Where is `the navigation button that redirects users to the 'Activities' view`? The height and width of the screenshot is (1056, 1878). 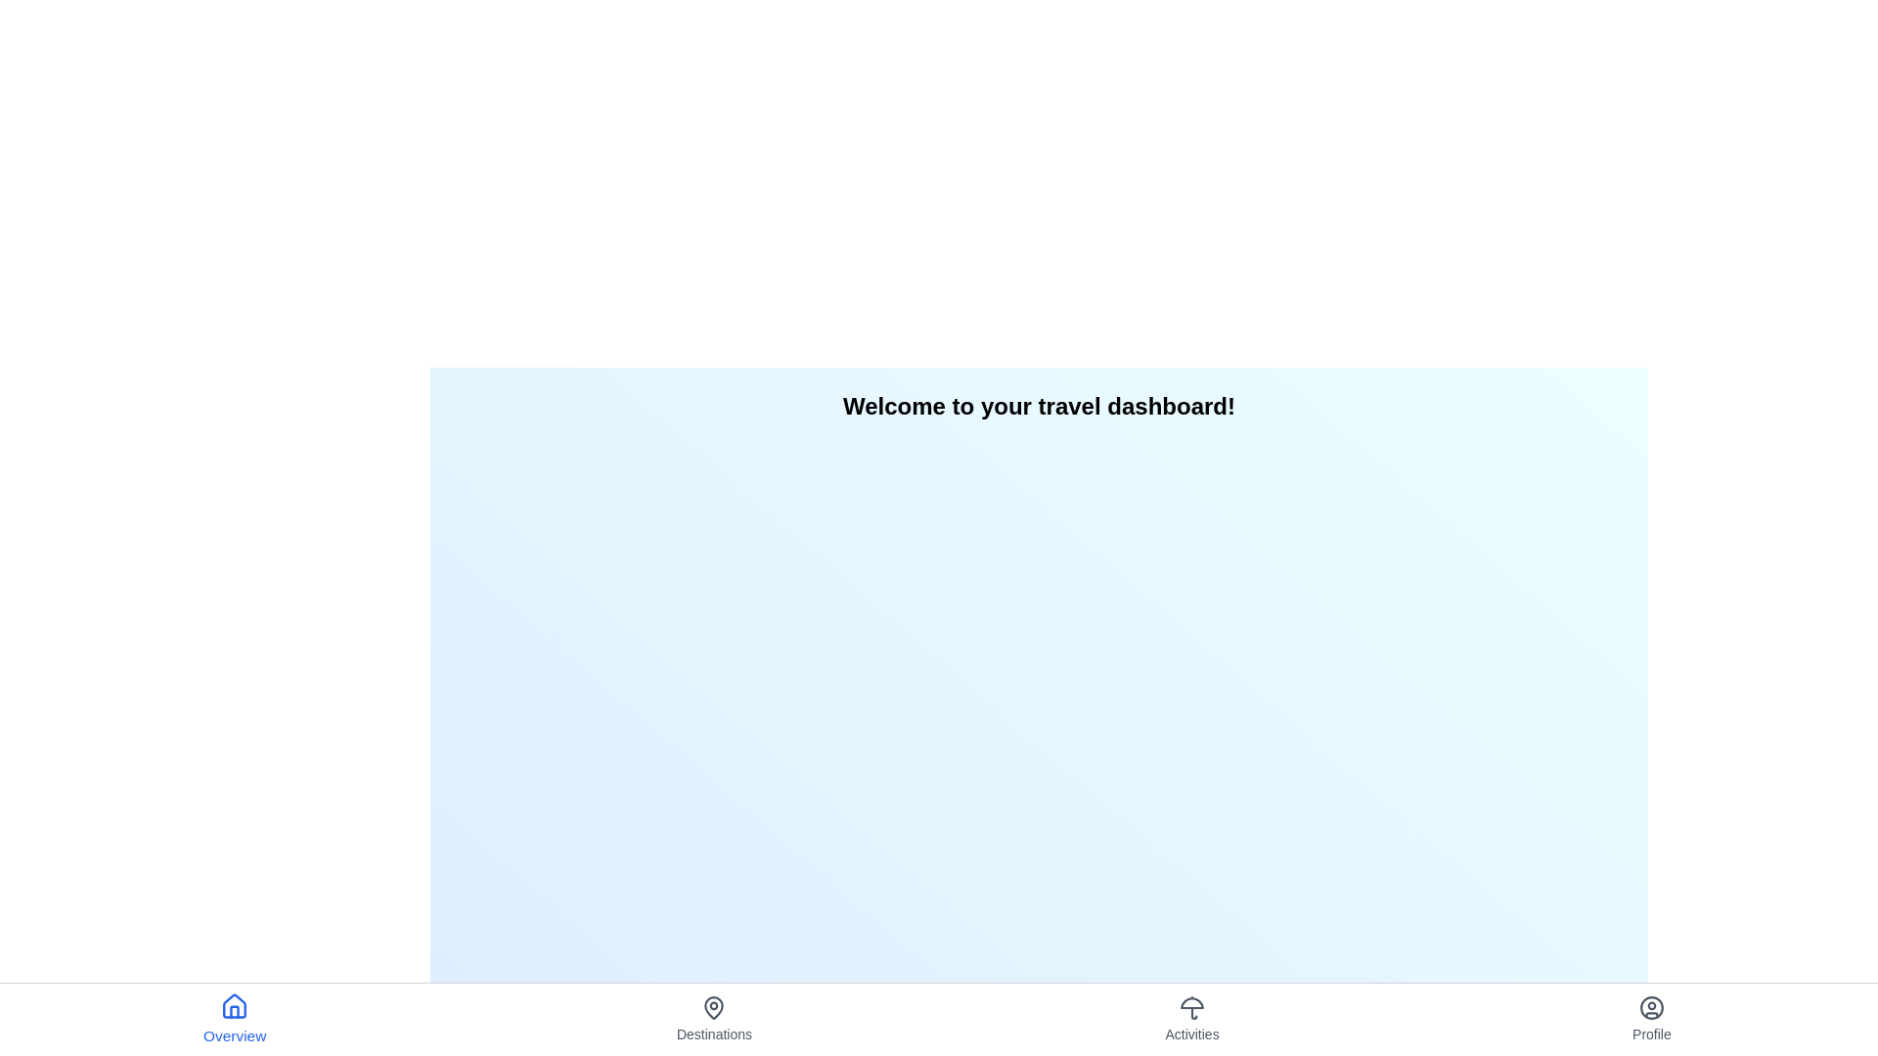 the navigation button that redirects users to the 'Activities' view is located at coordinates (1191, 1018).